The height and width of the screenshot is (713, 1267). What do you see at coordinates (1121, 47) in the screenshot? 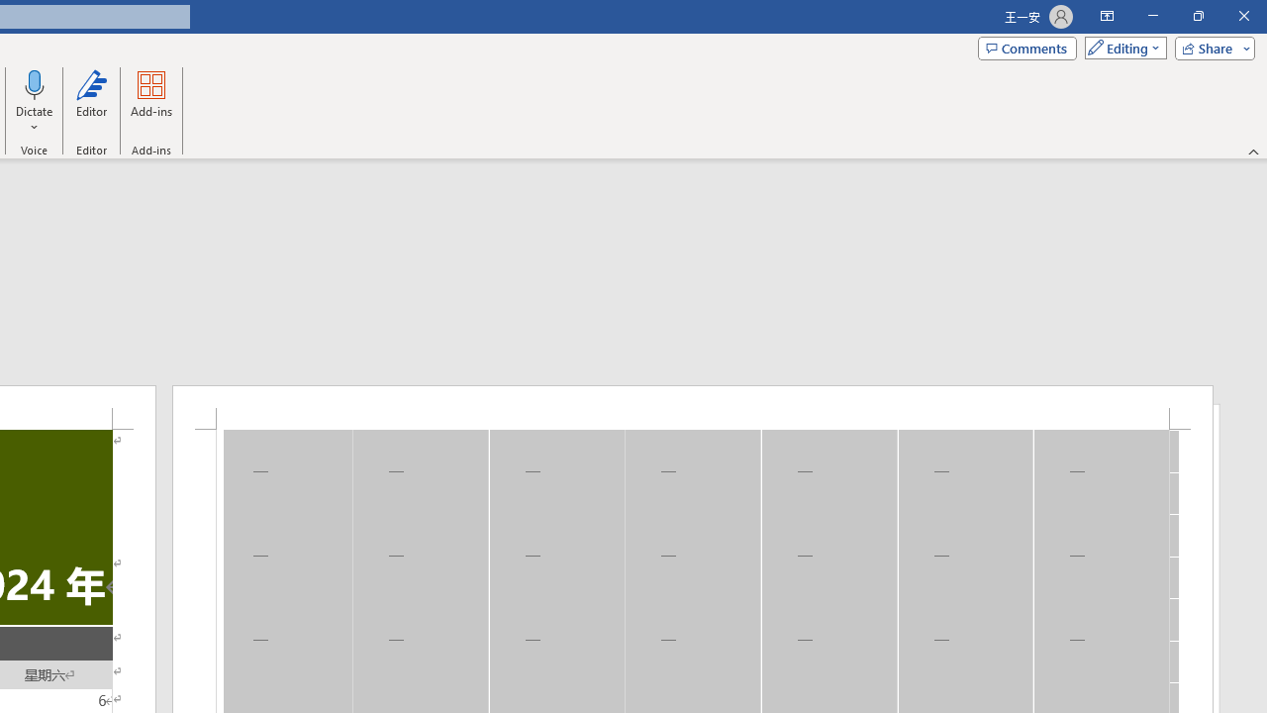
I see `'Mode'` at bounding box center [1121, 47].